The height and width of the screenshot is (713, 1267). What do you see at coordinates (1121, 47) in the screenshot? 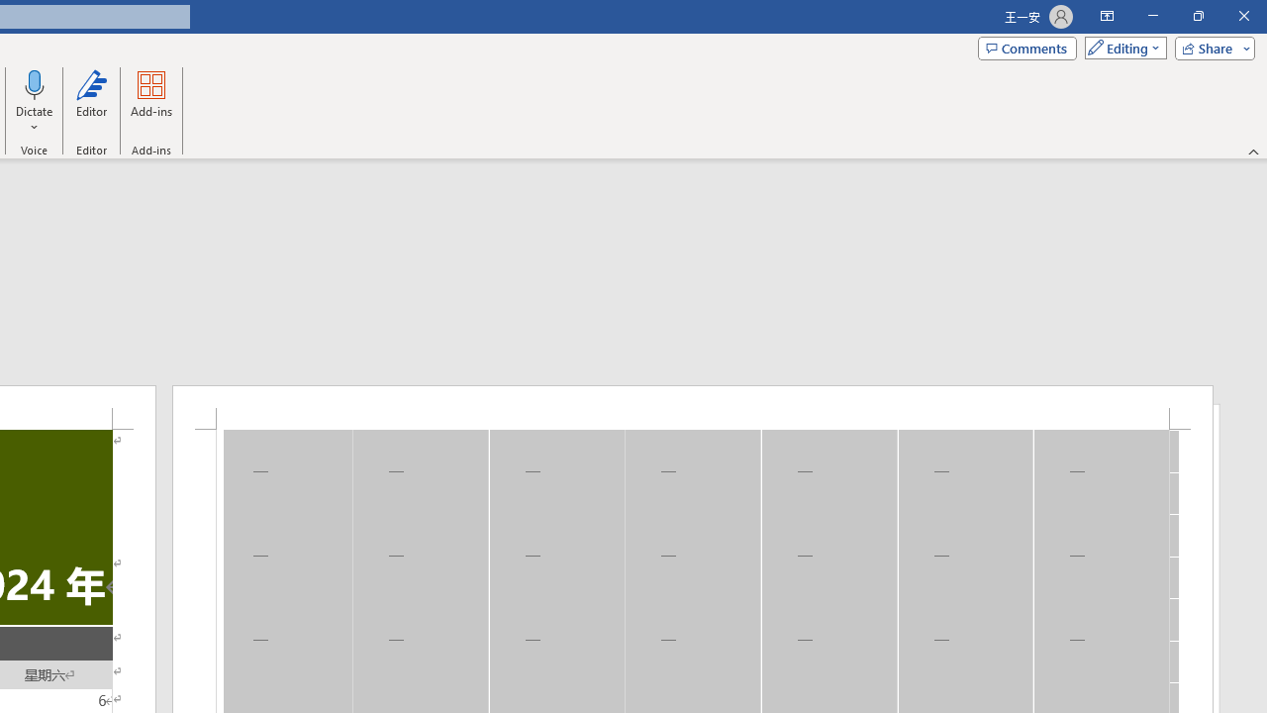
I see `'Mode'` at bounding box center [1121, 47].